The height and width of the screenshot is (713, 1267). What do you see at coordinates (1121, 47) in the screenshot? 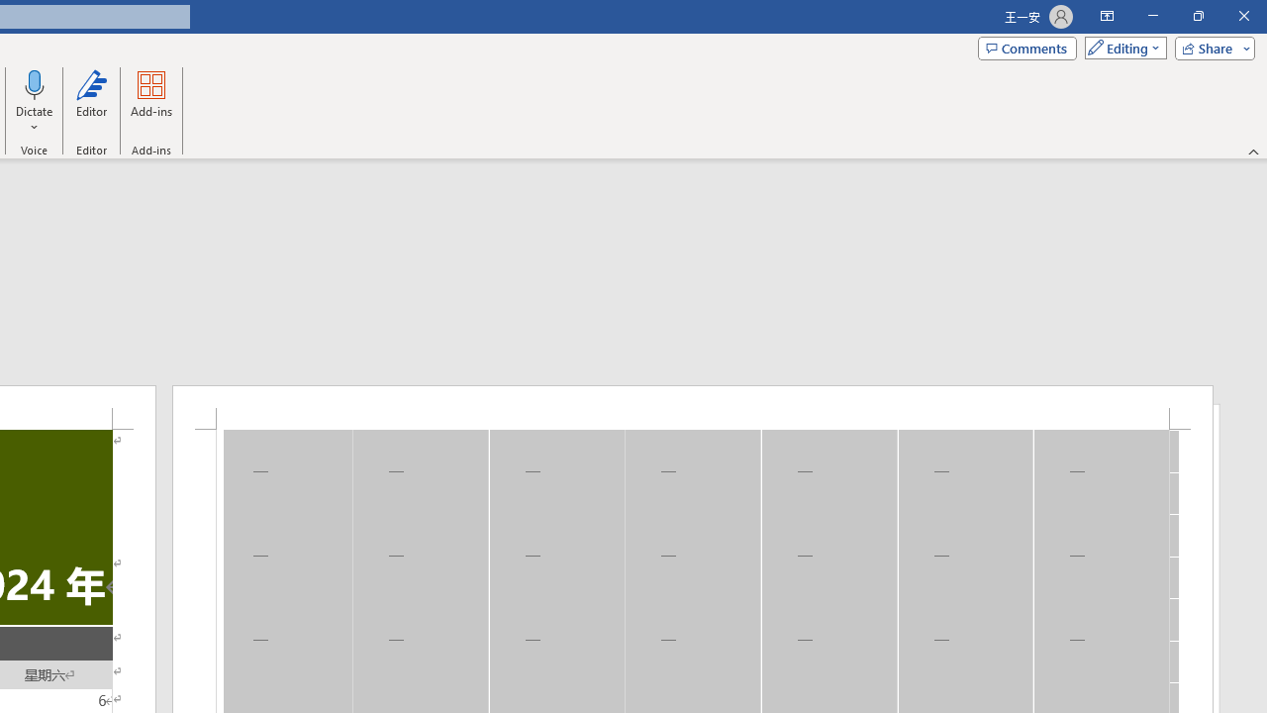
I see `'Mode'` at bounding box center [1121, 47].